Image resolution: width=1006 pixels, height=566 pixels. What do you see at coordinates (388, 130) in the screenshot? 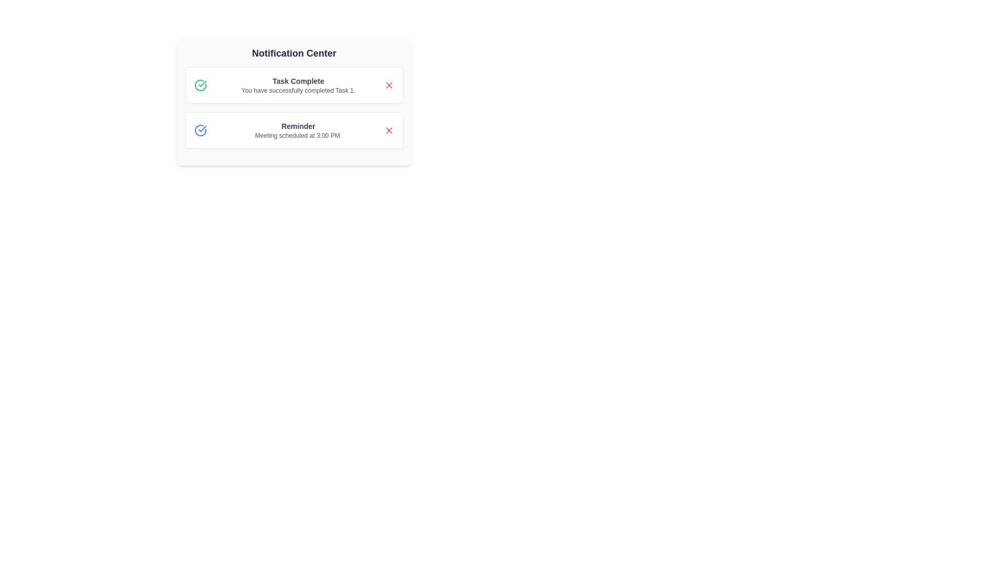
I see `the action button located in the top-right corner of the notification card that contains the 'Reminder' title and the text 'Meeting scheduled at 3:00 PM.' to observe any hover effects` at bounding box center [388, 130].